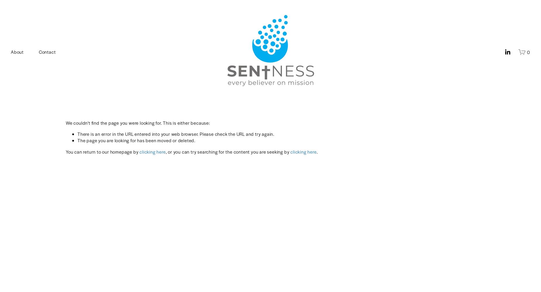 This screenshot has height=292, width=541. Describe the element at coordinates (138, 122) in the screenshot. I see `'We couldn't find the page you were looking for. This is either because:'` at that location.